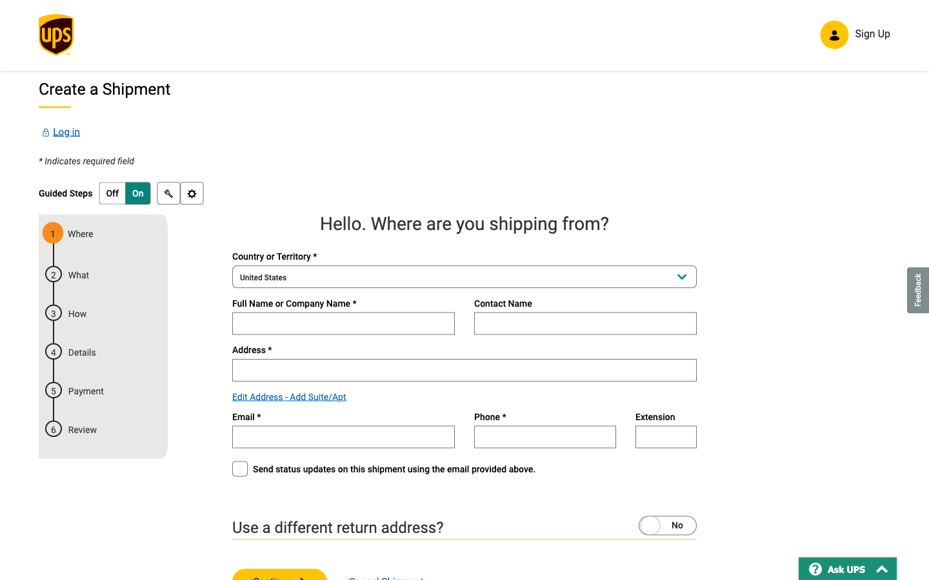 The image size is (929, 580). I want to click on to use a different return address and opt to send updates on this shipment using the email above, so click(642, 524).